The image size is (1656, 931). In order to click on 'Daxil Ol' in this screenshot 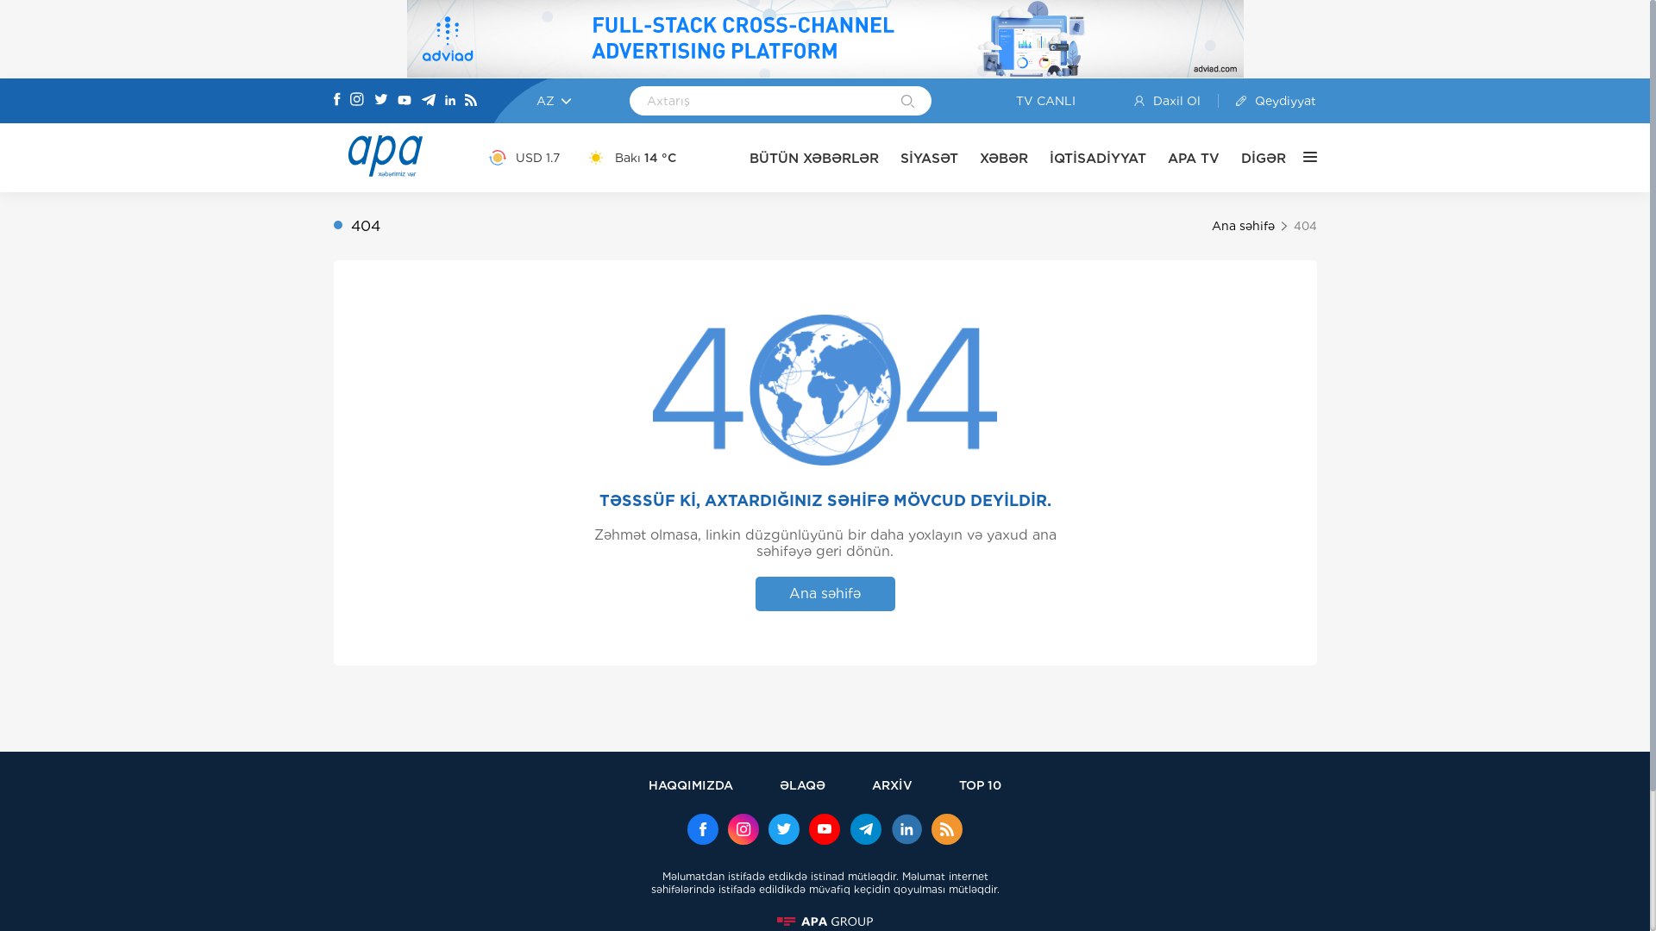, I will do `click(1175, 100)`.